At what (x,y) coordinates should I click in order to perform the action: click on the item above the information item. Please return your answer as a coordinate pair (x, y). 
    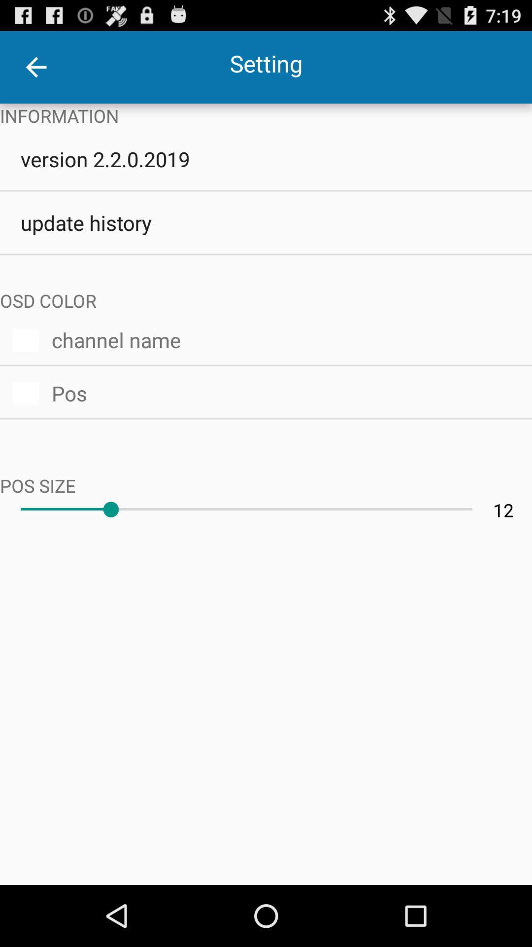
    Looking at the image, I should click on (35, 67).